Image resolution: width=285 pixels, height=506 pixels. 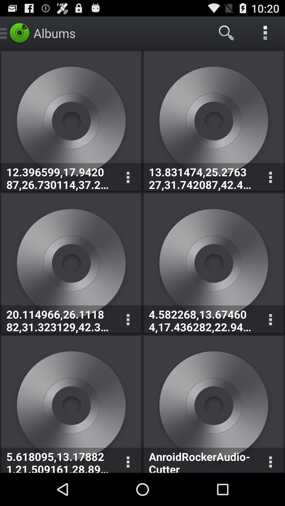 I want to click on more, so click(x=128, y=177).